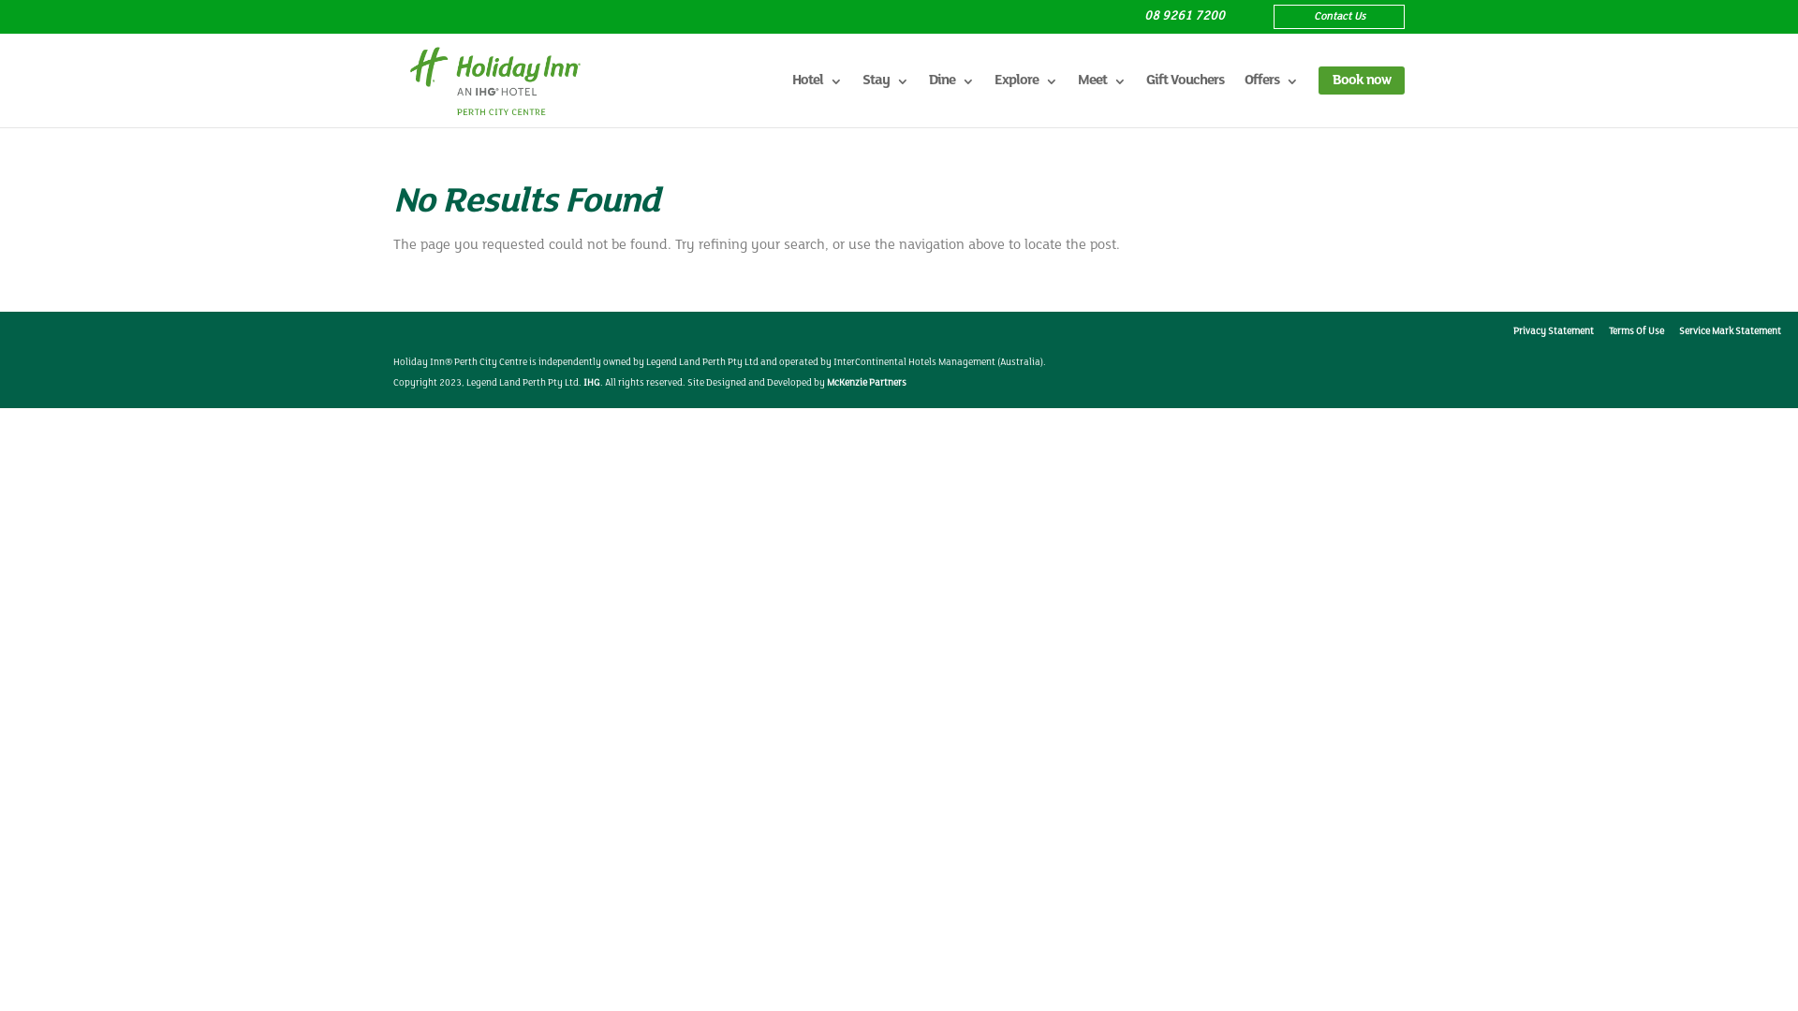 Image resolution: width=1798 pixels, height=1011 pixels. I want to click on 'Stay', so click(884, 94).